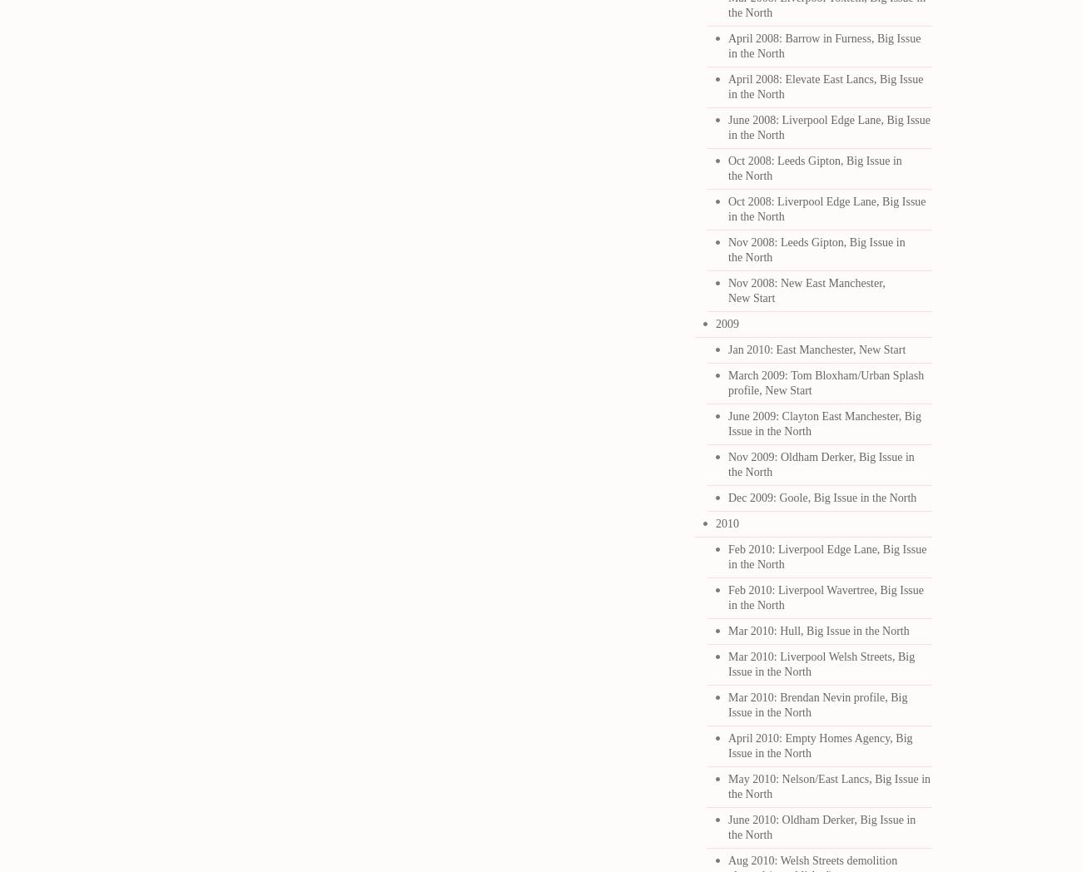  I want to click on 'Mar 2010: Liverpool Welsh Streets, Big Issue in the North', so click(727, 663).